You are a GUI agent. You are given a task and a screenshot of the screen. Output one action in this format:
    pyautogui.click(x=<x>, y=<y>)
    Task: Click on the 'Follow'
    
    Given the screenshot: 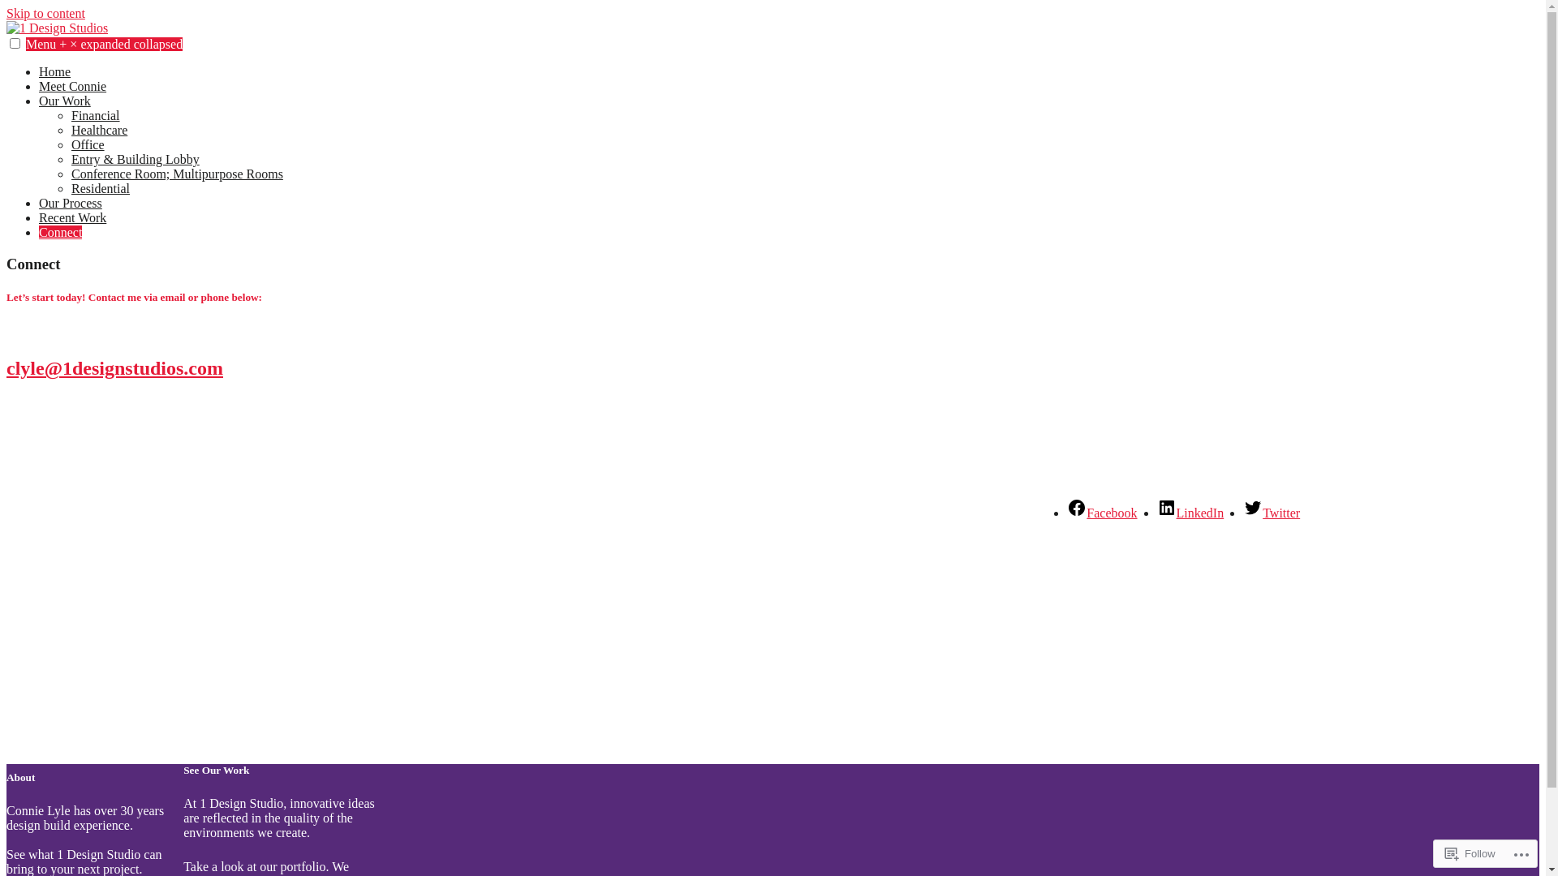 What is the action you would take?
    pyautogui.click(x=1438, y=852)
    